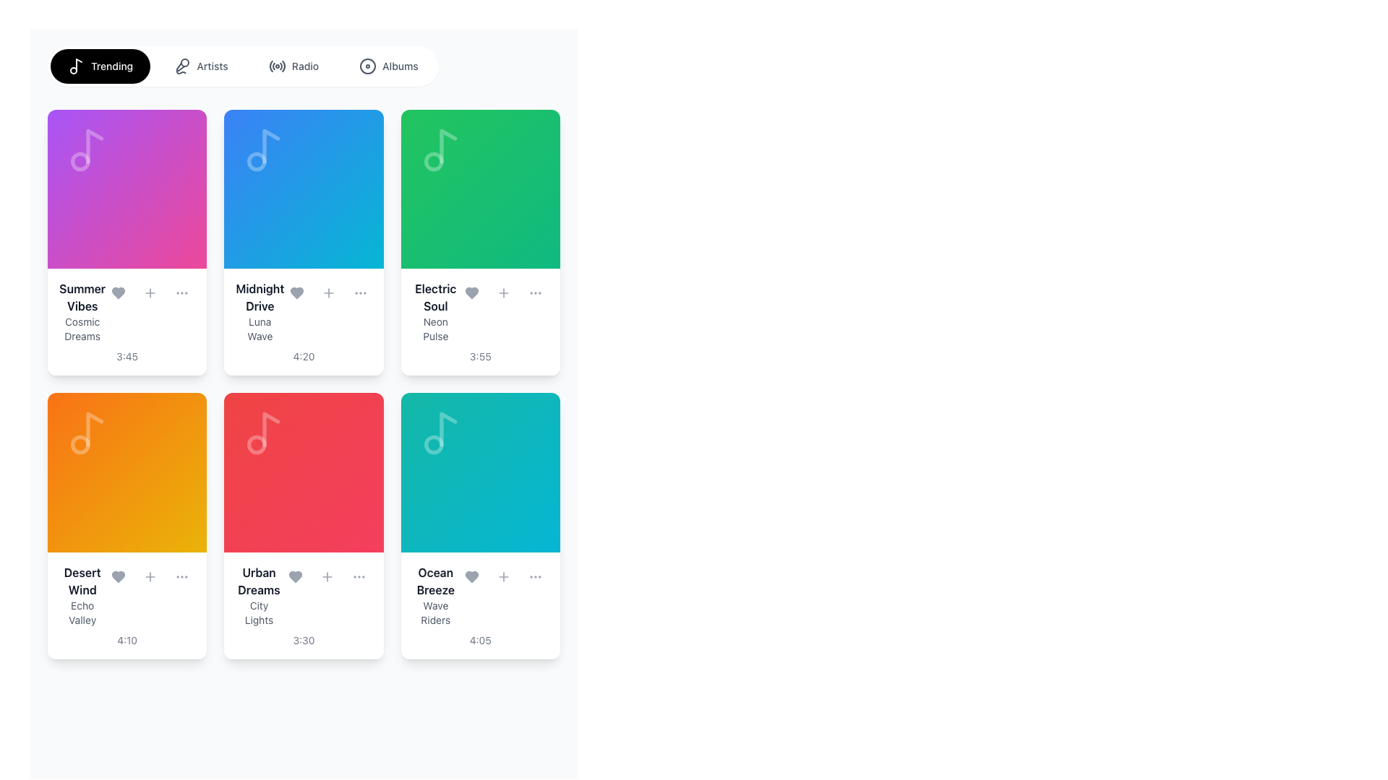 This screenshot has width=1388, height=780. What do you see at coordinates (440, 433) in the screenshot?
I see `the music note icon located in the upper portion of the 'Ocean Breeze' card by 'Wave Riders' with a teal background` at bounding box center [440, 433].